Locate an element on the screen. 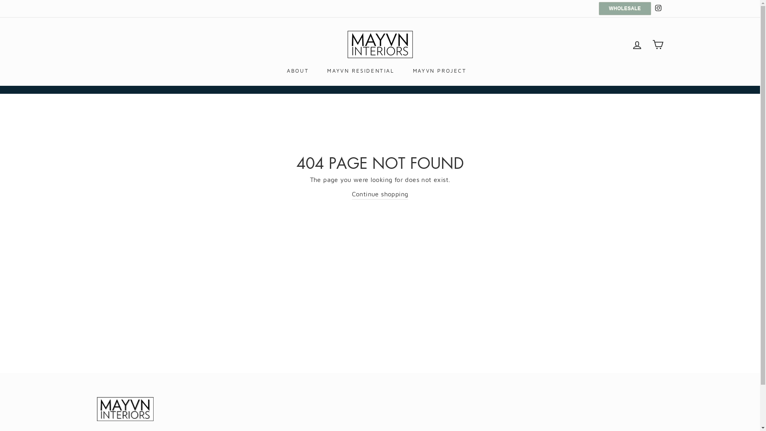 This screenshot has width=766, height=431. 'WHOLESALE' is located at coordinates (624, 8).